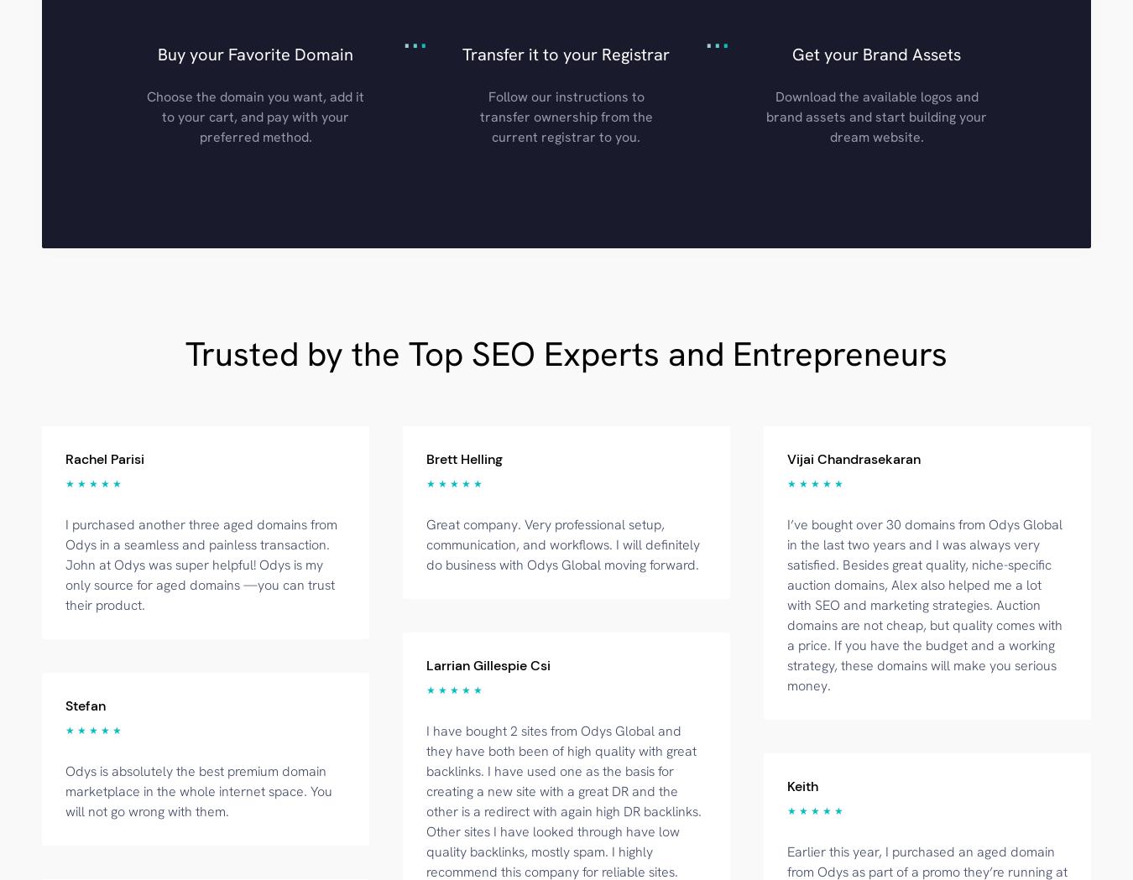 Image resolution: width=1133 pixels, height=880 pixels. What do you see at coordinates (198, 790) in the screenshot?
I see `'Odys is absolutely the best premium domain marketplace in the whole internet space. You will not go wrong with them.'` at bounding box center [198, 790].